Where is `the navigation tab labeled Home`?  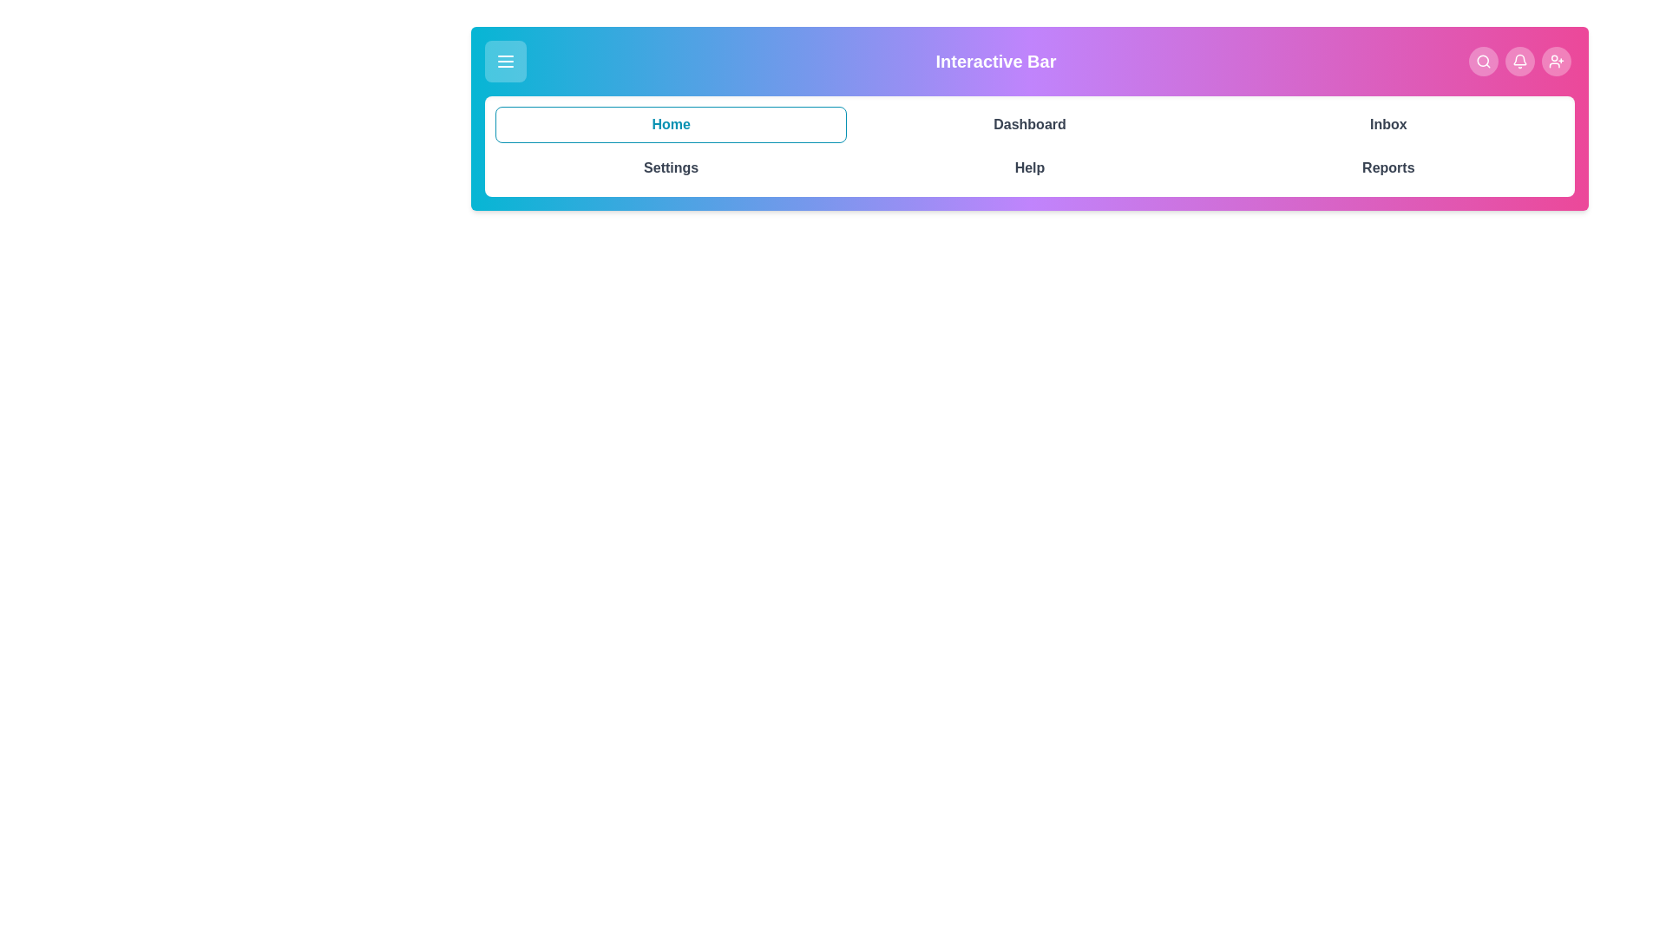 the navigation tab labeled Home is located at coordinates (670, 123).